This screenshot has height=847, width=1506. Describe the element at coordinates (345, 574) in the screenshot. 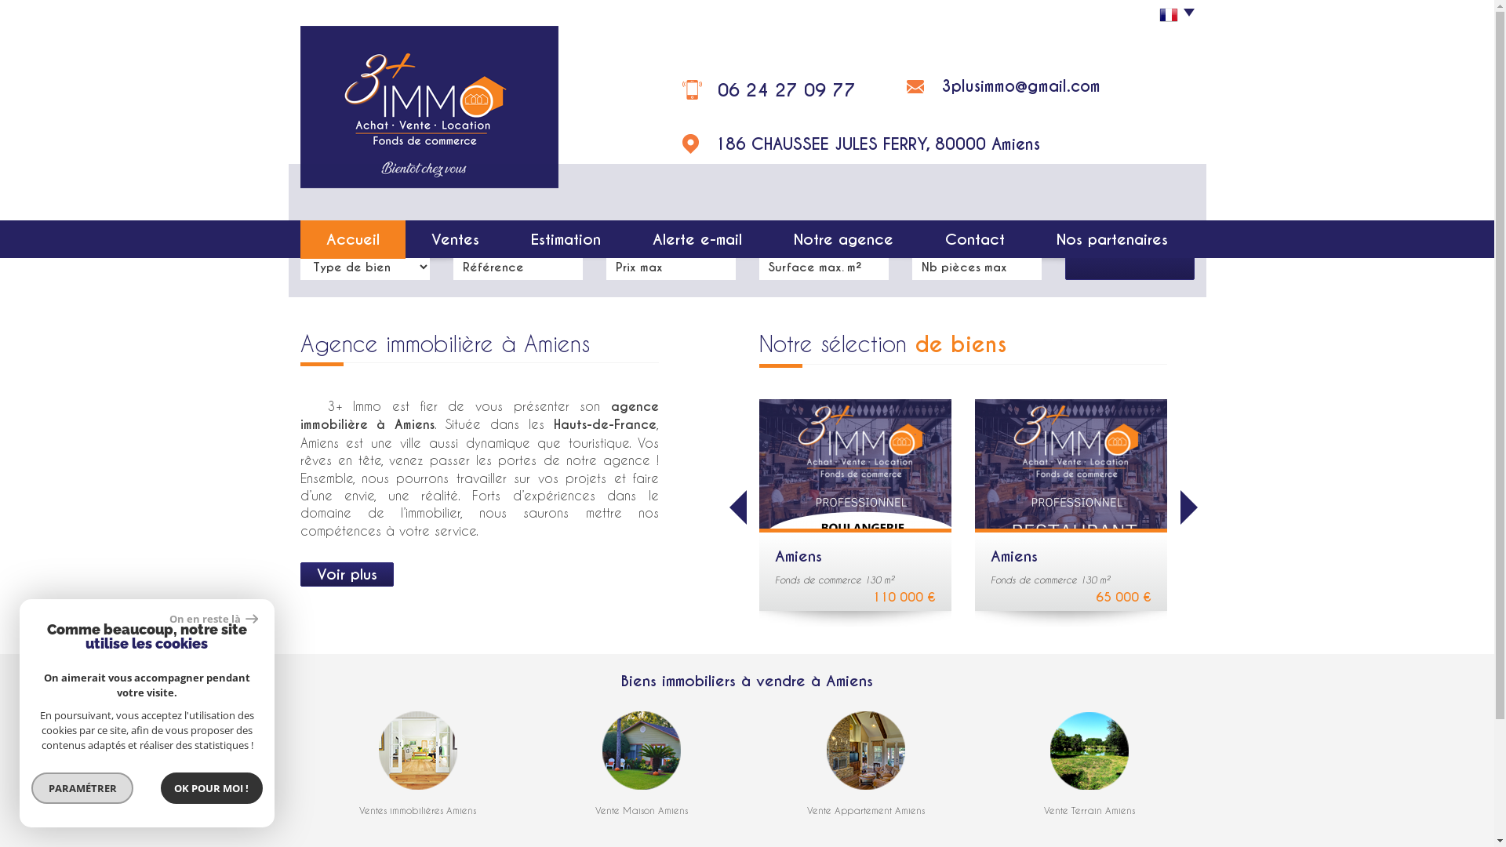

I see `'Voir plus'` at that location.